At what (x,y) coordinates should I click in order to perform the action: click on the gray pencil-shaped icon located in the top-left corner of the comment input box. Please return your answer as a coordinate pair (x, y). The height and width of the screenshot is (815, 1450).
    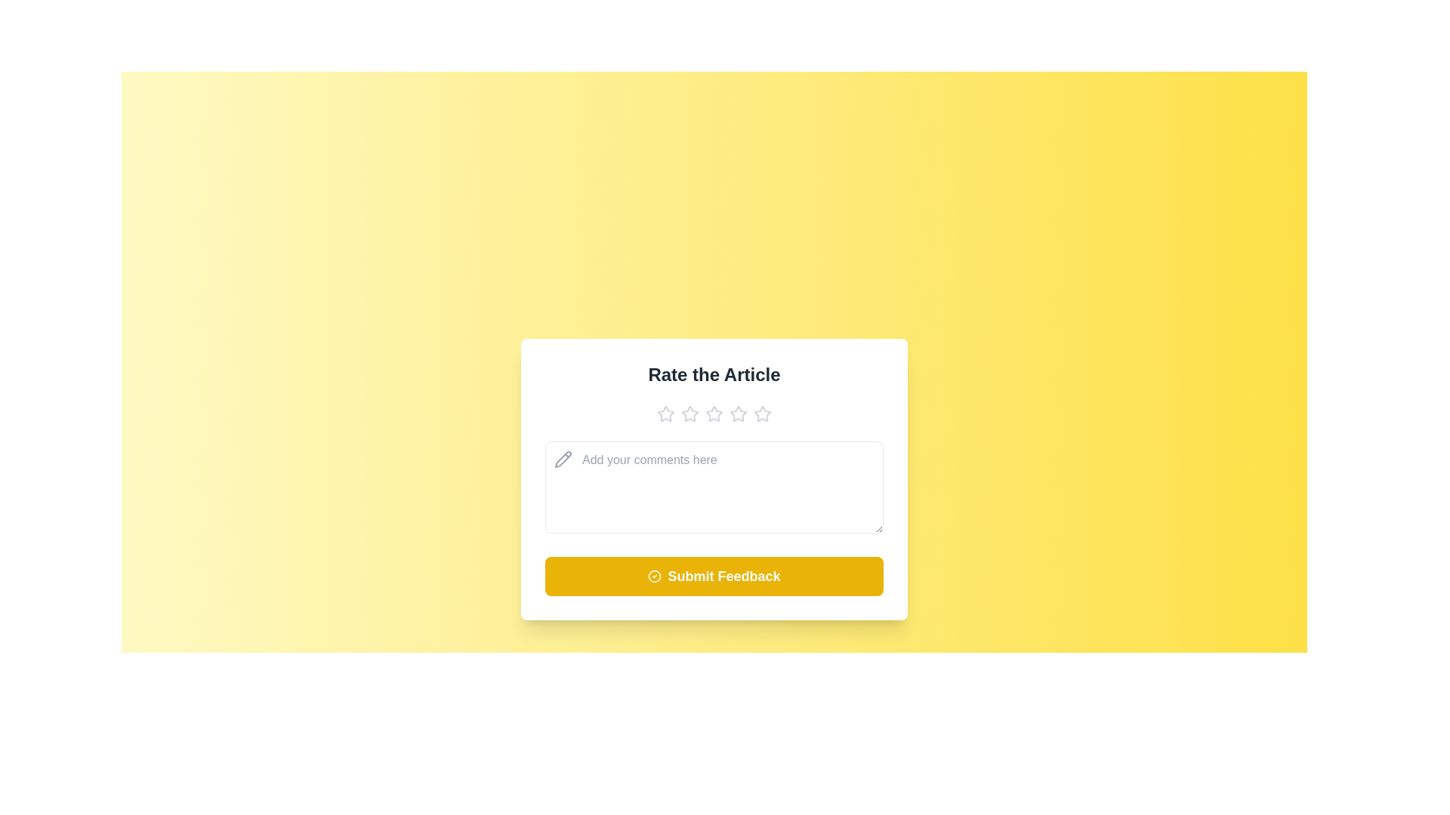
    Looking at the image, I should click on (562, 458).